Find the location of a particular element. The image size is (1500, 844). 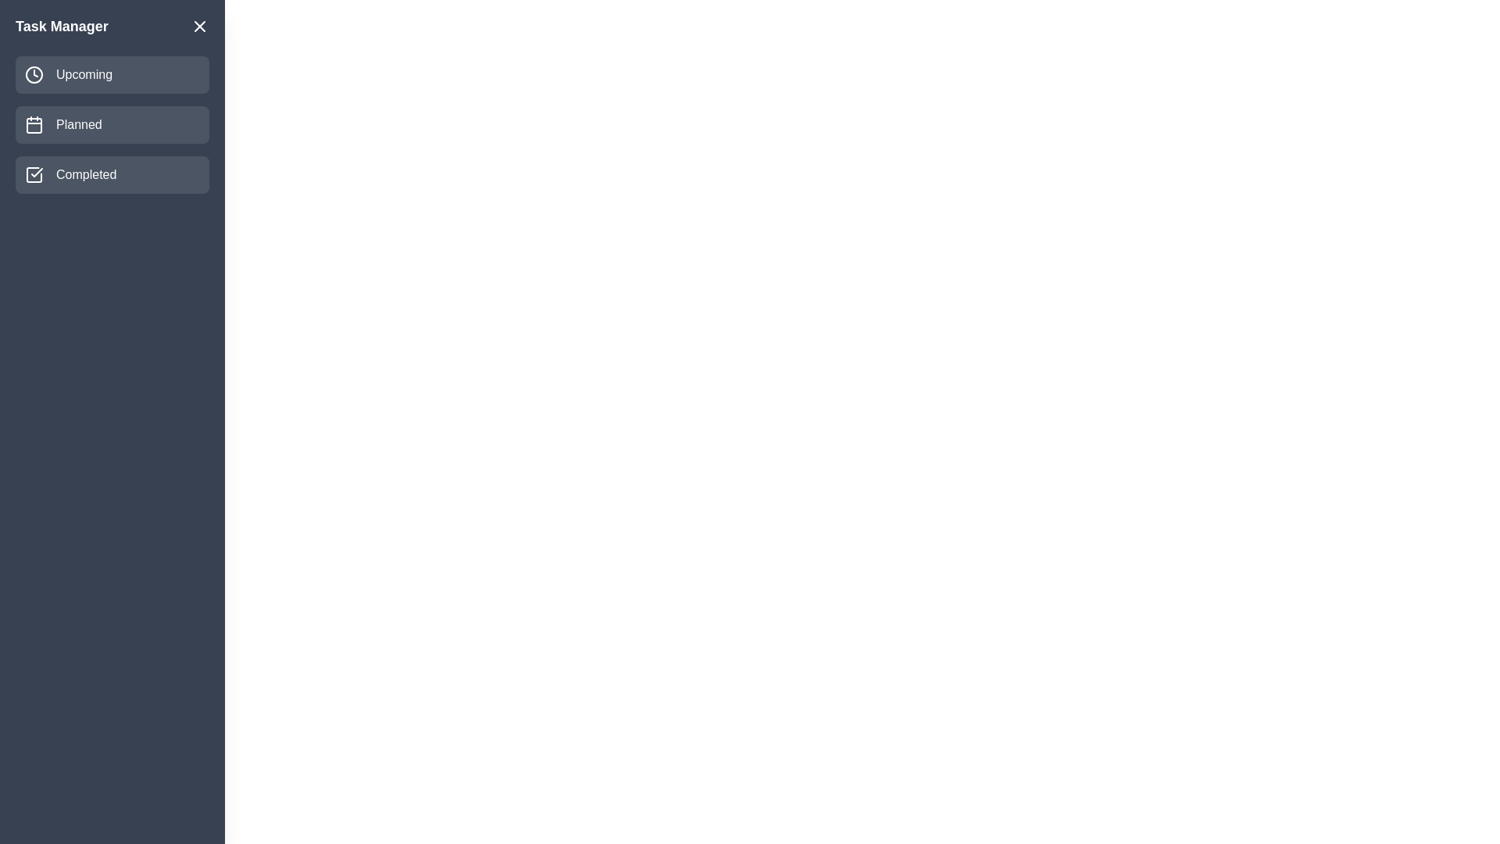

the task category Planned to view its tasks is located at coordinates (112, 123).